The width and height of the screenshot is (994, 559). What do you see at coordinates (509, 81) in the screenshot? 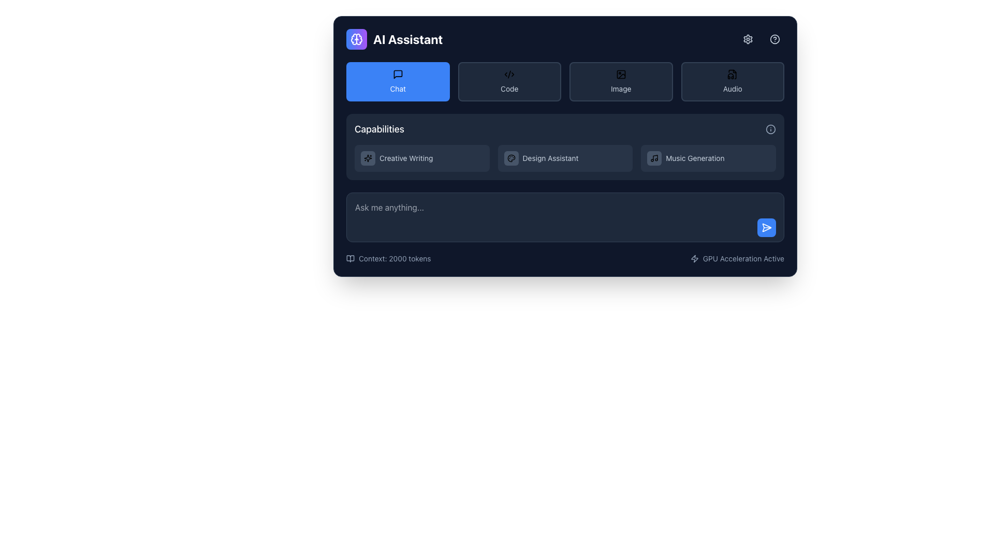
I see `the button located between the 'Chat' button on the left and the 'Image' button on the right` at bounding box center [509, 81].